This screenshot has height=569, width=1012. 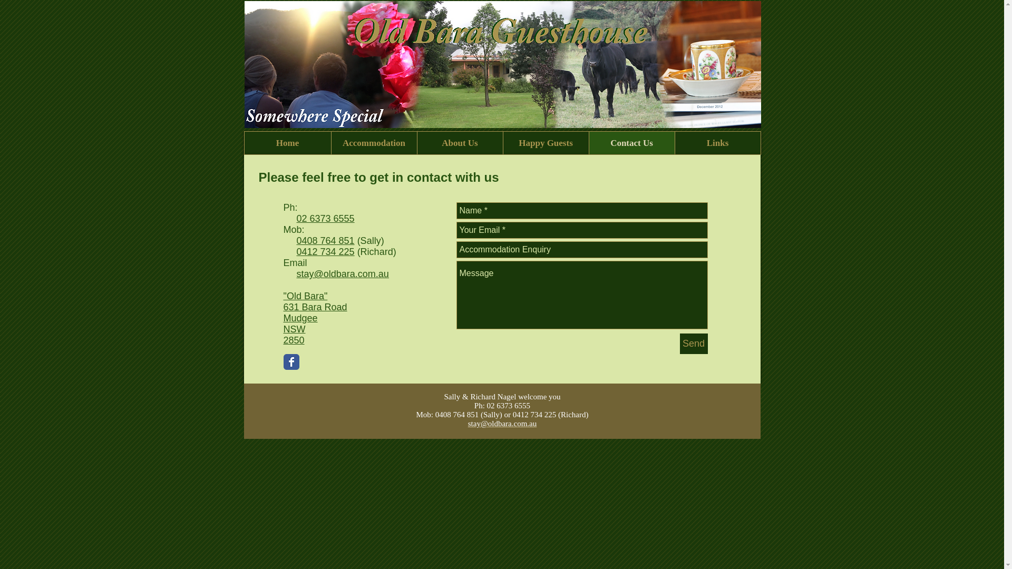 What do you see at coordinates (546, 143) in the screenshot?
I see `'Happy Guests'` at bounding box center [546, 143].